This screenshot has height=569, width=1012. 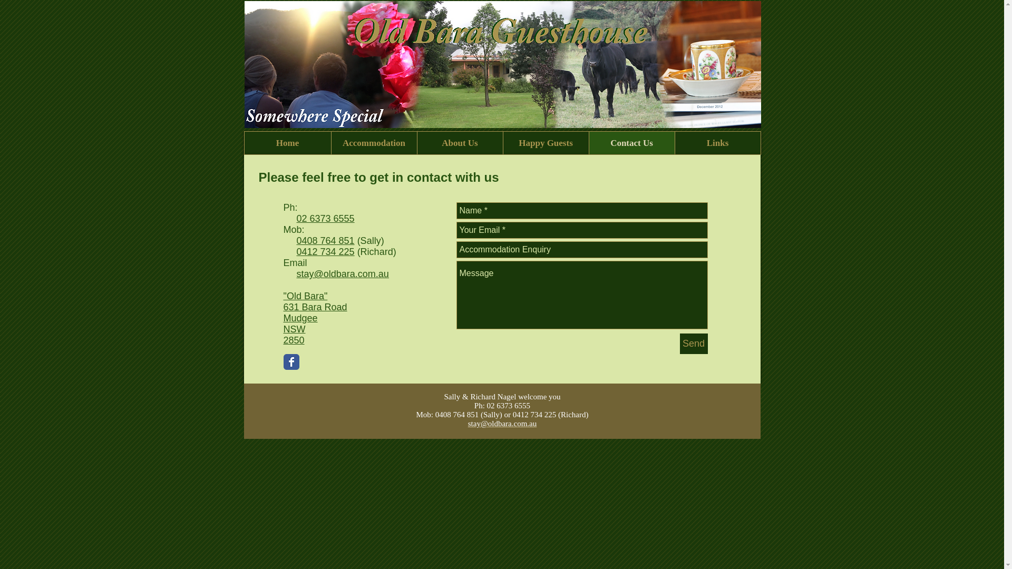 What do you see at coordinates (546, 143) in the screenshot?
I see `'Happy Guests'` at bounding box center [546, 143].